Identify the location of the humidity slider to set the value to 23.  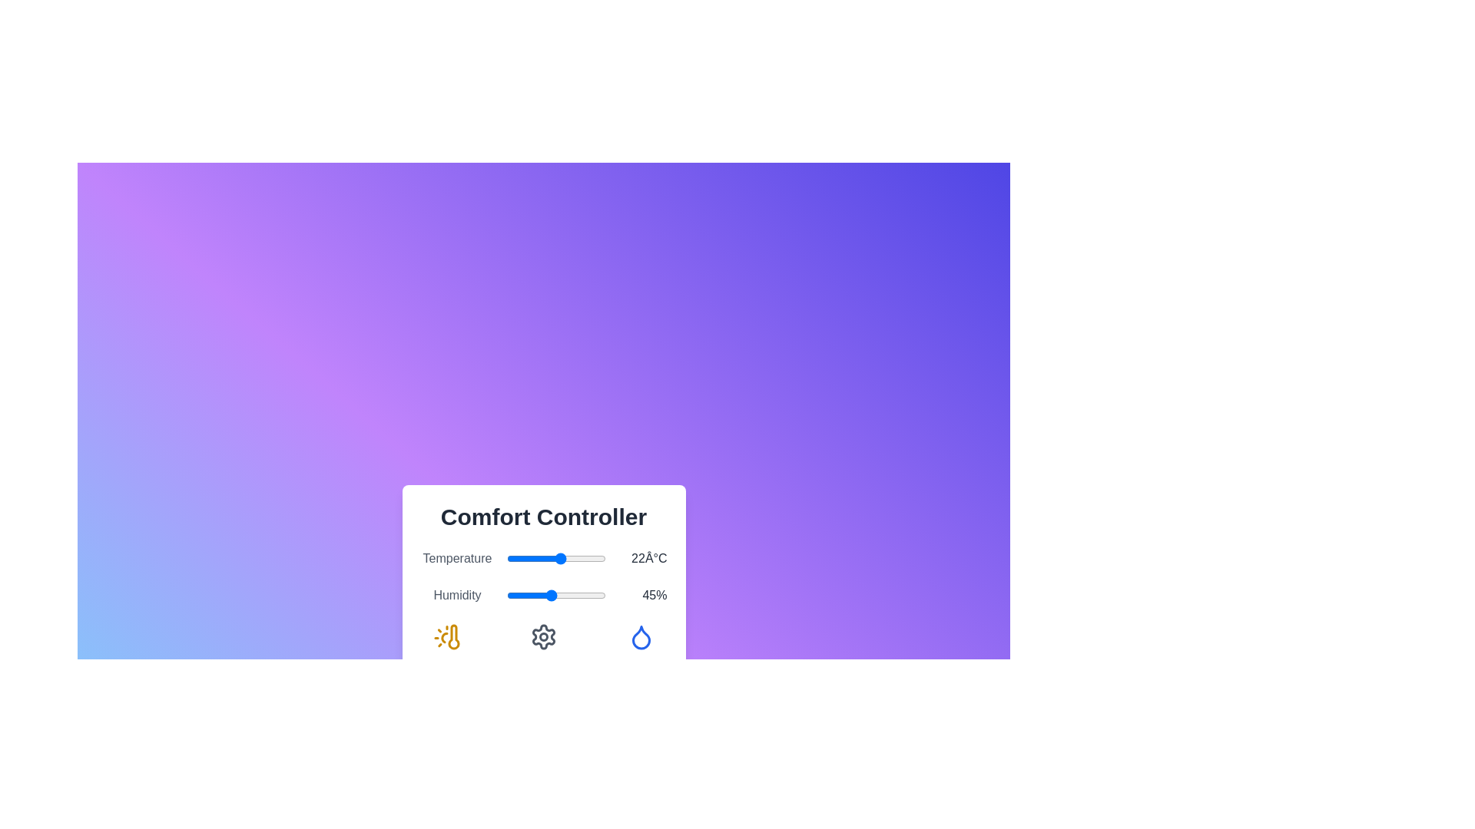
(529, 594).